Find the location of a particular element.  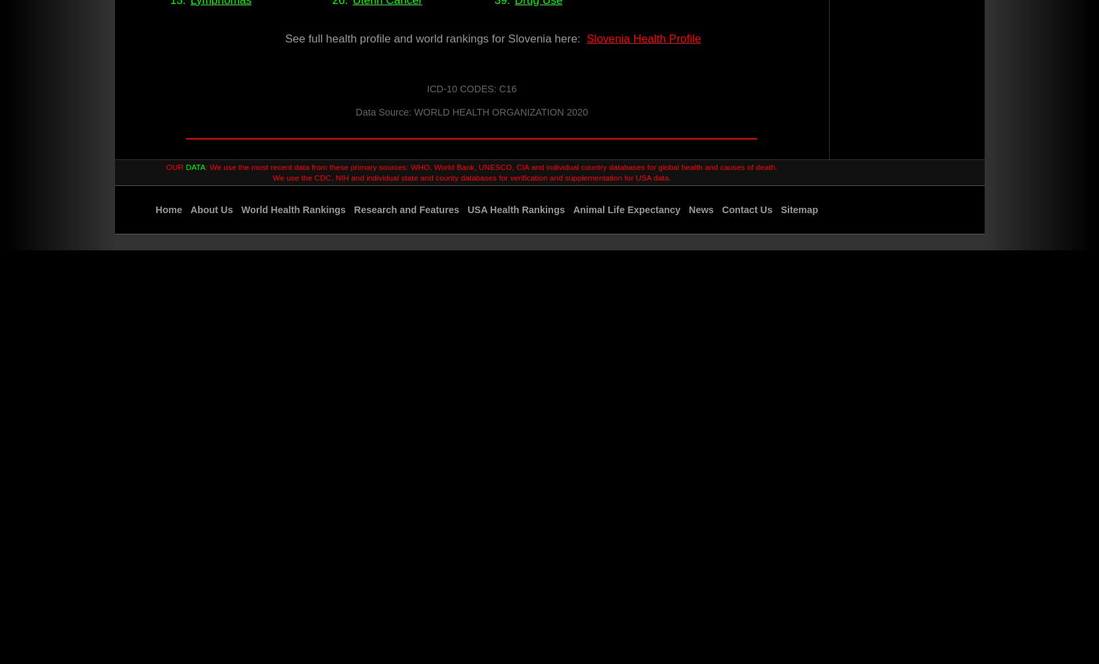

'News' is located at coordinates (701, 208).